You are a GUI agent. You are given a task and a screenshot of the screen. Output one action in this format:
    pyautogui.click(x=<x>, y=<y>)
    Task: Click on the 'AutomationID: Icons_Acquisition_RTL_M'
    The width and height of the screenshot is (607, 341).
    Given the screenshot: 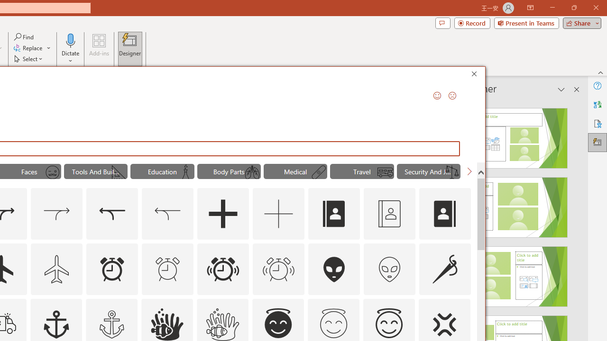 What is the action you would take?
    pyautogui.click(x=167, y=214)
    